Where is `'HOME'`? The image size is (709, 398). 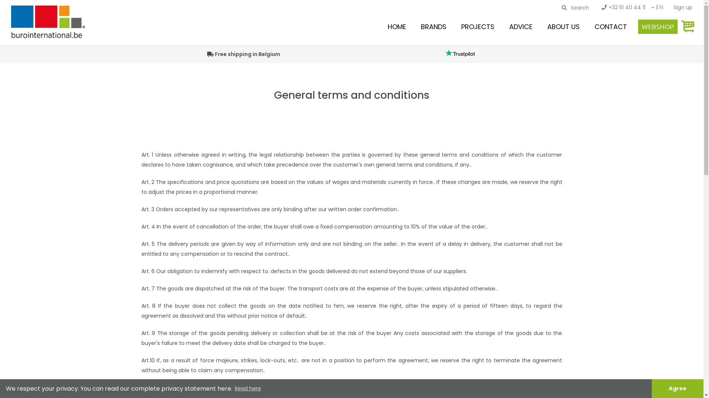
'HOME' is located at coordinates (397, 26).